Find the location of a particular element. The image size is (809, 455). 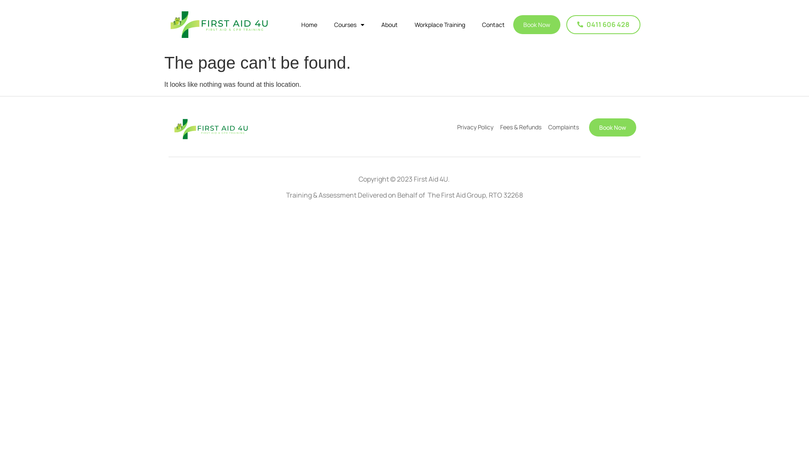

'Home' is located at coordinates (293, 24).